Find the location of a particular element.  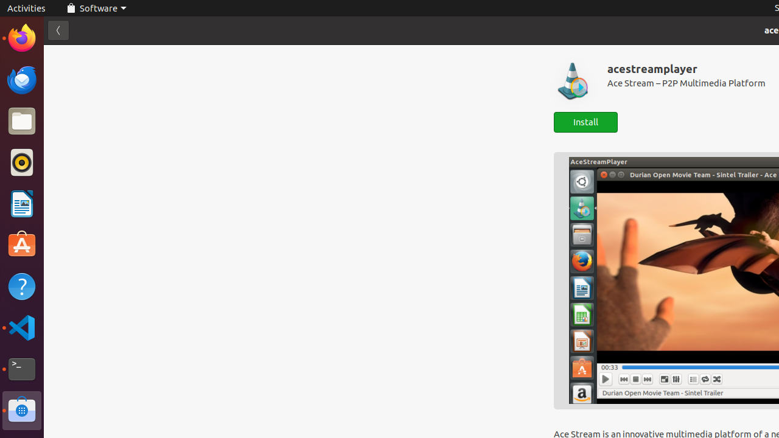

'Firefox Web Browser' is located at coordinates (21, 37).